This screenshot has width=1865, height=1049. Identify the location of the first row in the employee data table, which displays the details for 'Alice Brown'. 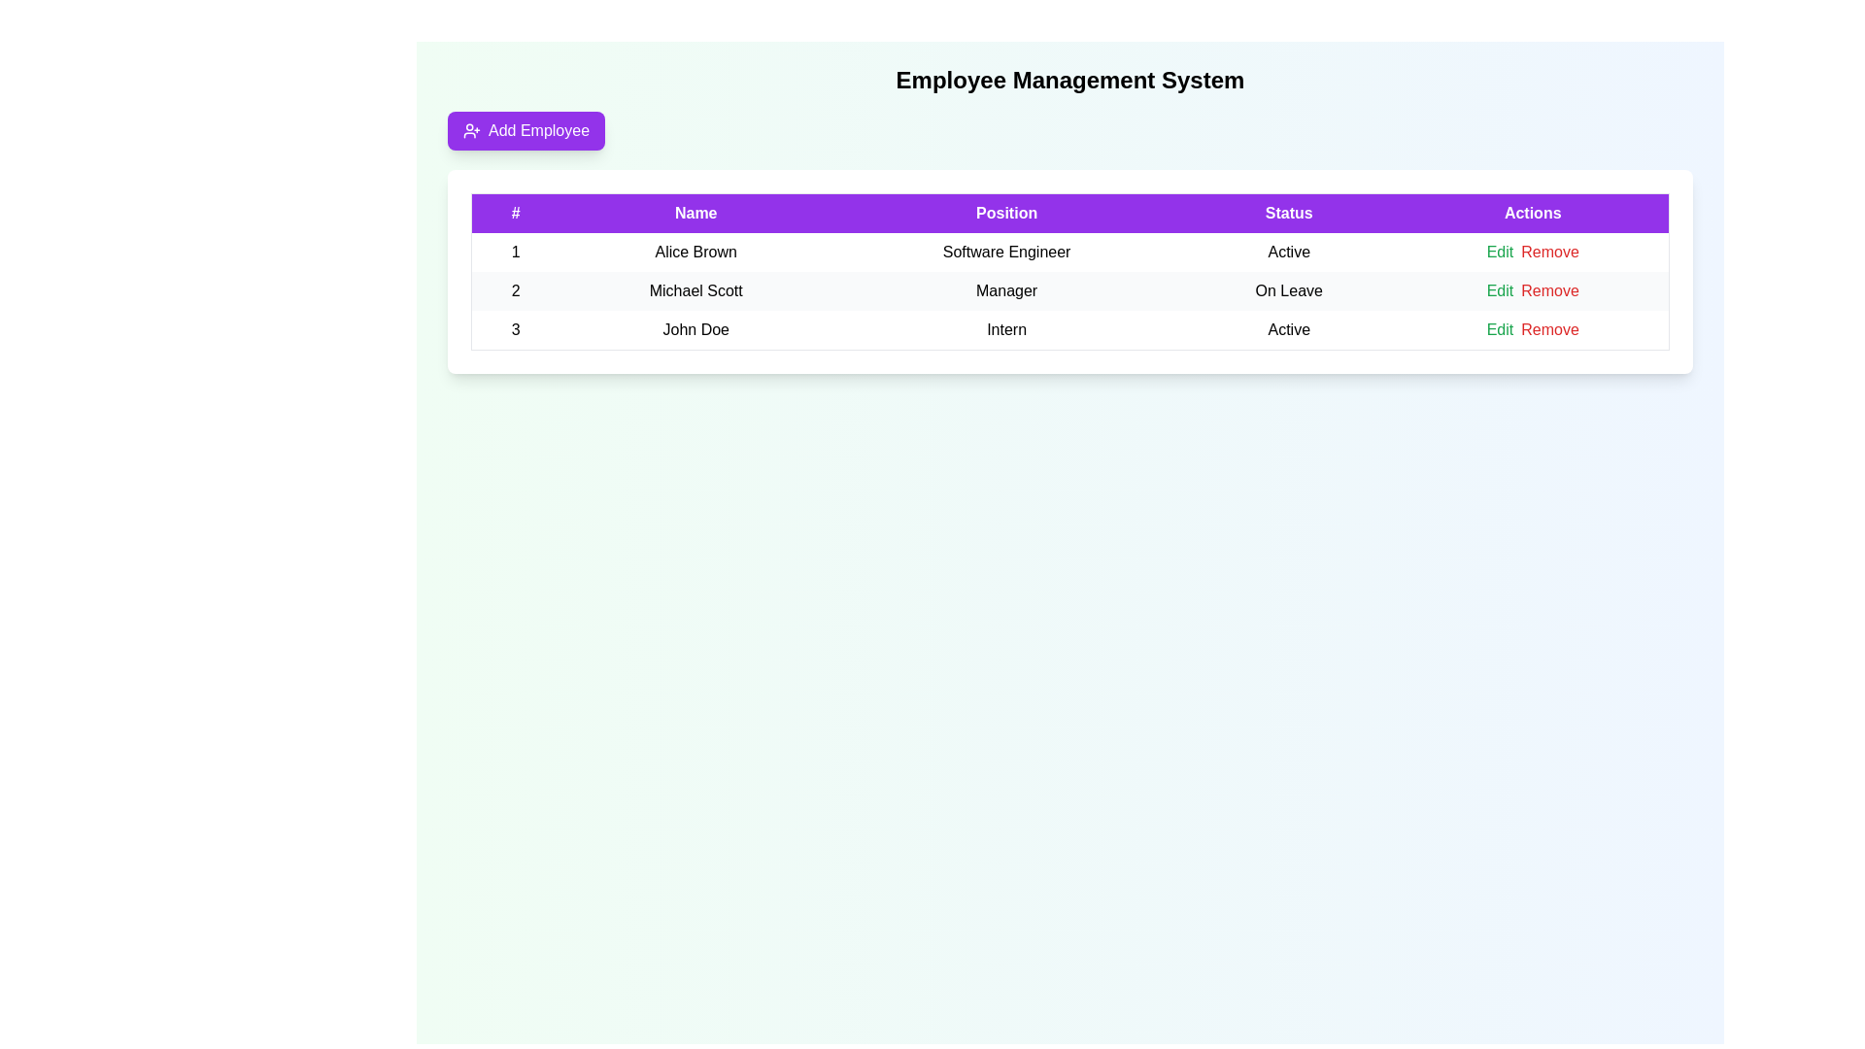
(1069, 251).